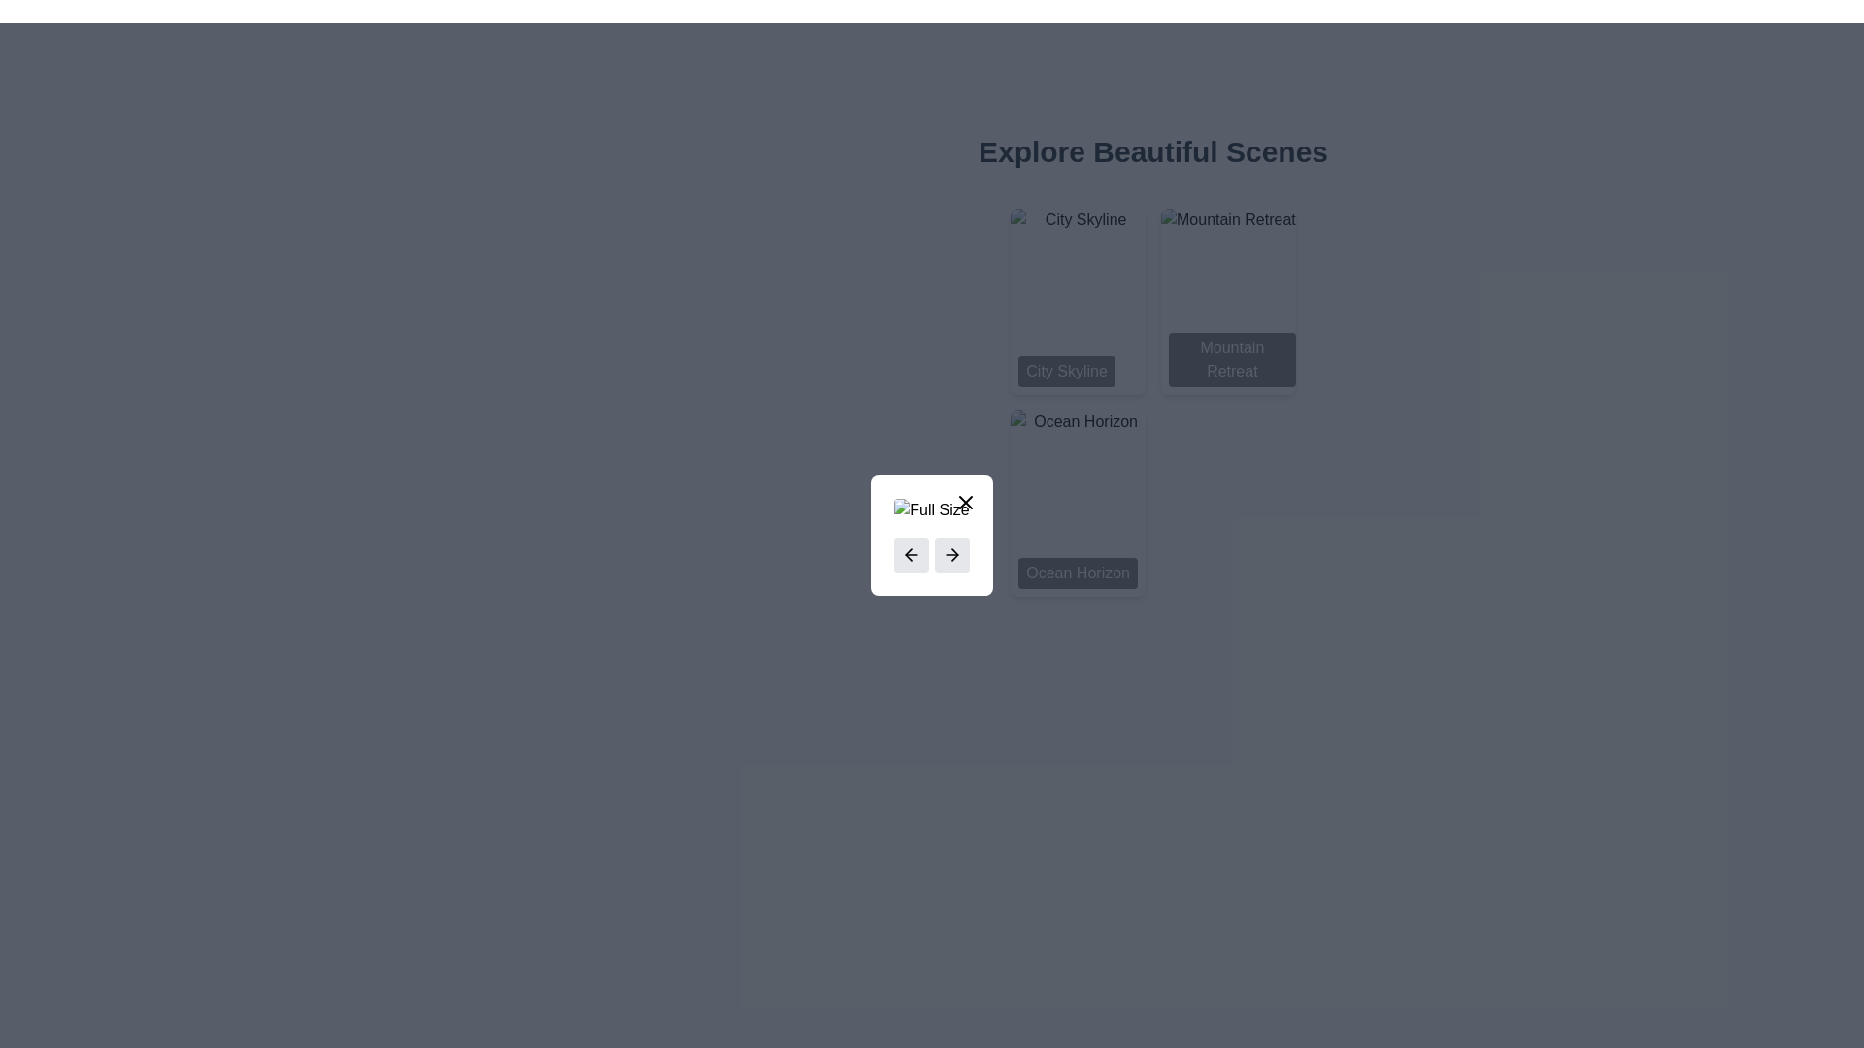 Image resolution: width=1864 pixels, height=1048 pixels. I want to click on an item within the grid layout labeled 'City Skyline', 'Mountain Retreat', or 'Ocean Horizon' for interaction, so click(1153, 402).